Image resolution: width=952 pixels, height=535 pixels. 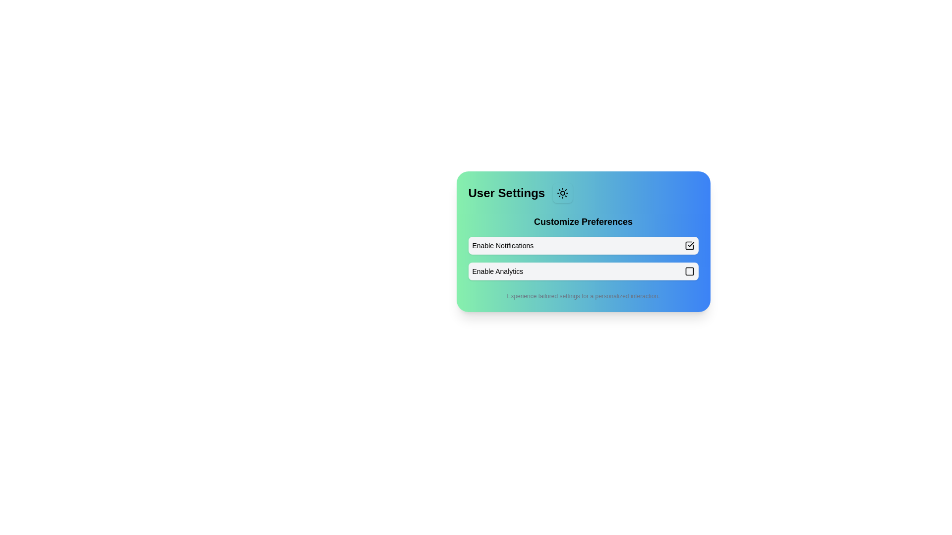 What do you see at coordinates (562, 193) in the screenshot?
I see `the small square button with rounded corners, featuring a sun icon at its center, located to the right of the 'User Settings' heading` at bounding box center [562, 193].